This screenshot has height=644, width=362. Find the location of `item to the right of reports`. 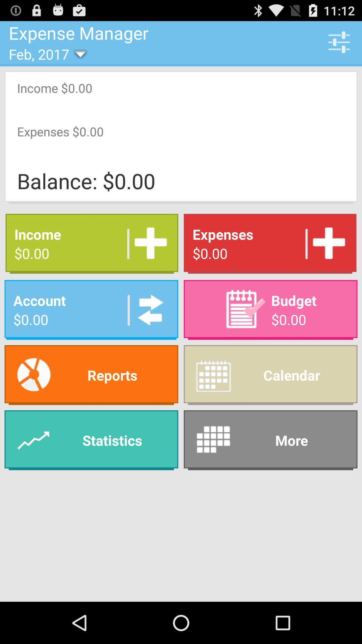

item to the right of reports is located at coordinates (270, 375).